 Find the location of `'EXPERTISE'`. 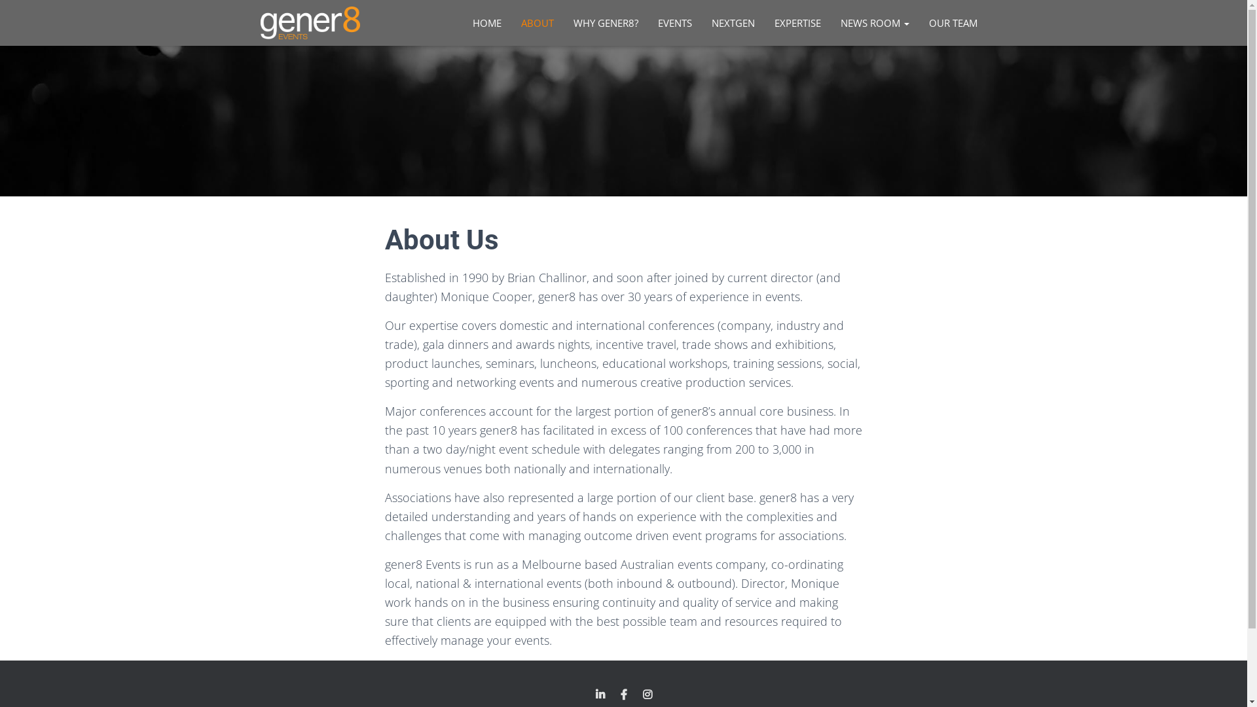

'EXPERTISE' is located at coordinates (797, 22).